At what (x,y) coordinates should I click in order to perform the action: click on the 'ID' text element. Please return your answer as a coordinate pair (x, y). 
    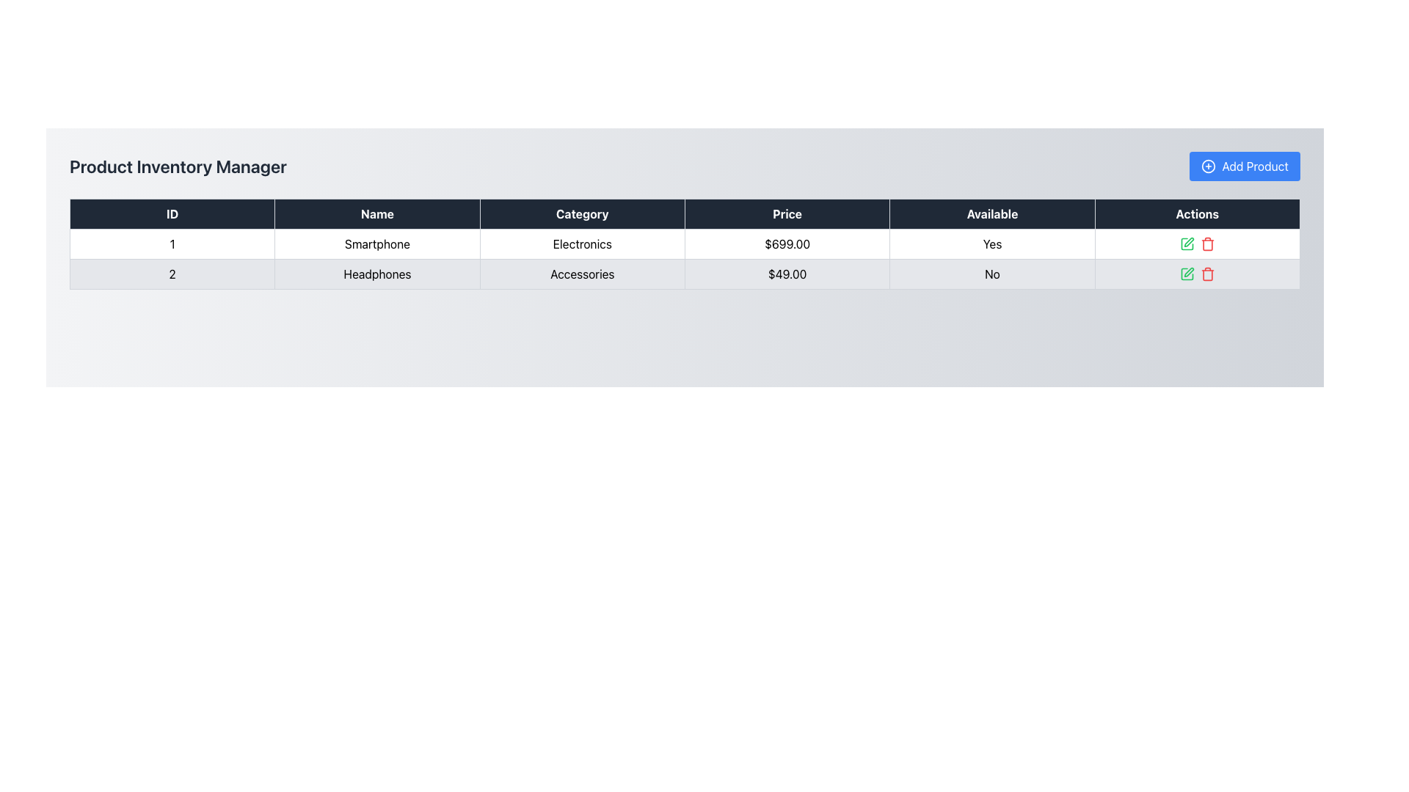
    Looking at the image, I should click on (172, 274).